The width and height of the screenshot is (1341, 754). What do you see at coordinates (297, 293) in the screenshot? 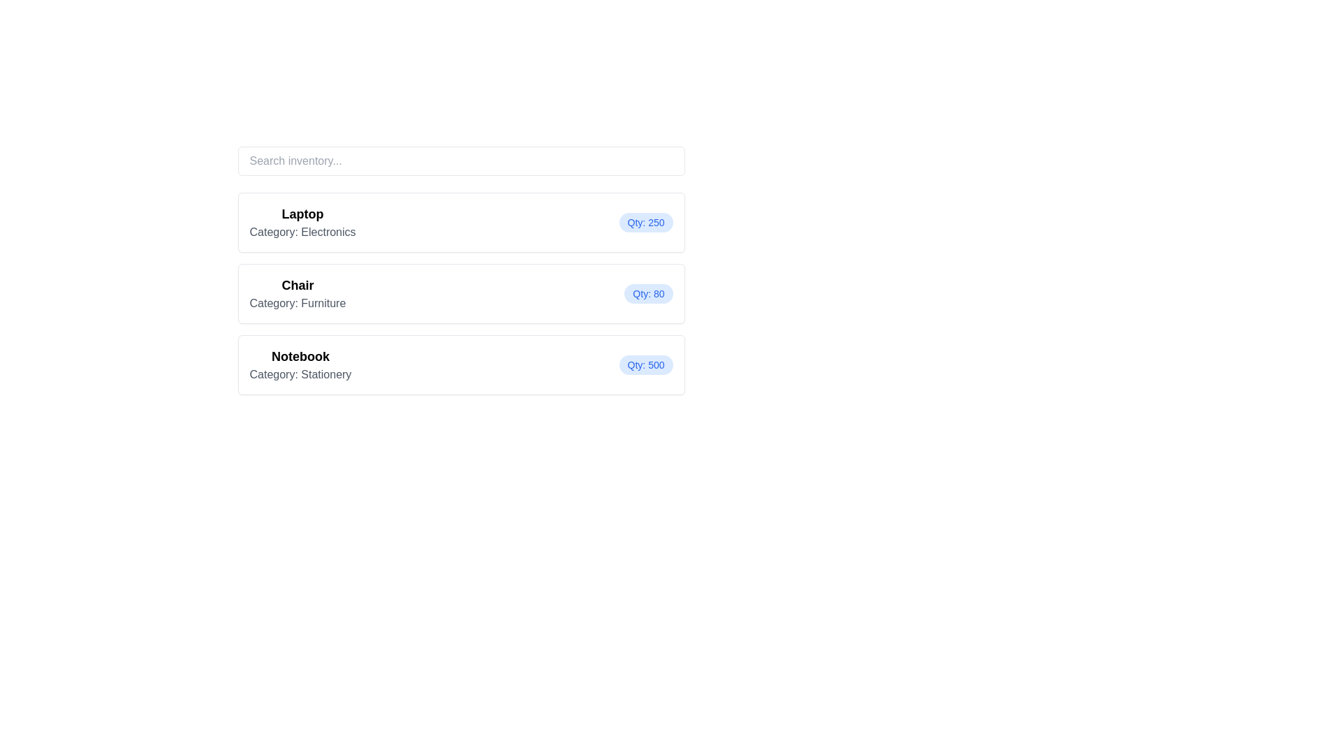
I see `text label that displays 'Chair' and 'Category: Furniture' located in the second card from the top within a structured card component` at bounding box center [297, 293].